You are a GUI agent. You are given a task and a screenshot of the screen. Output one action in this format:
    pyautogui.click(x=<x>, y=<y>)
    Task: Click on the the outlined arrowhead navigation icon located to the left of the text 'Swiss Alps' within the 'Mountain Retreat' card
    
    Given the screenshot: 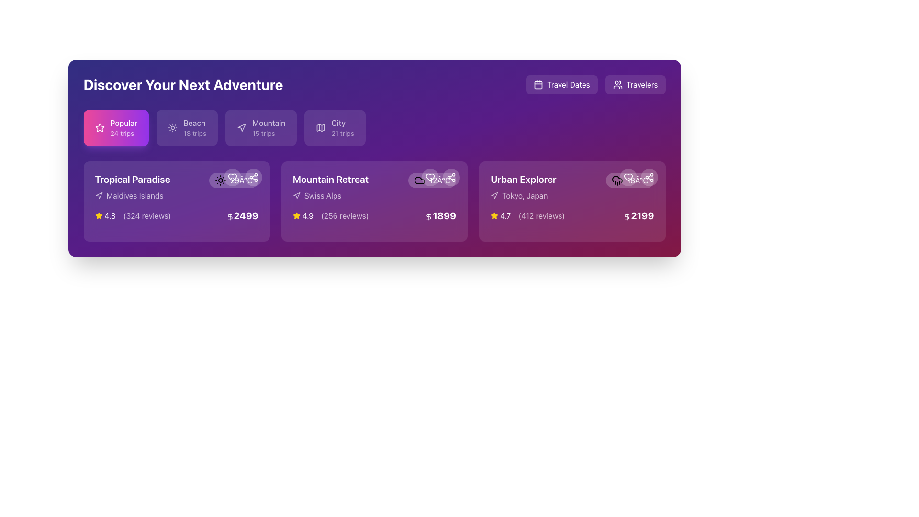 What is the action you would take?
    pyautogui.click(x=296, y=195)
    